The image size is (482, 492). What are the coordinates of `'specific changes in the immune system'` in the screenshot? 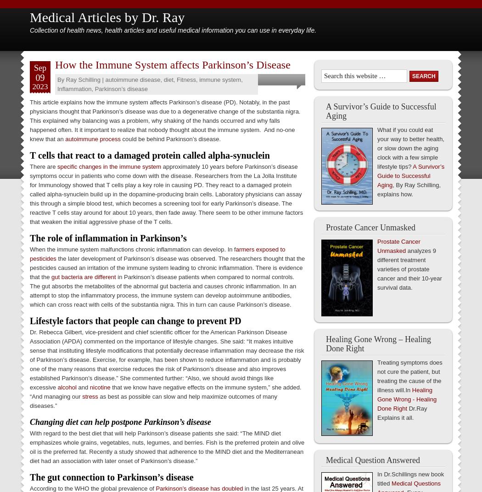 It's located at (109, 166).